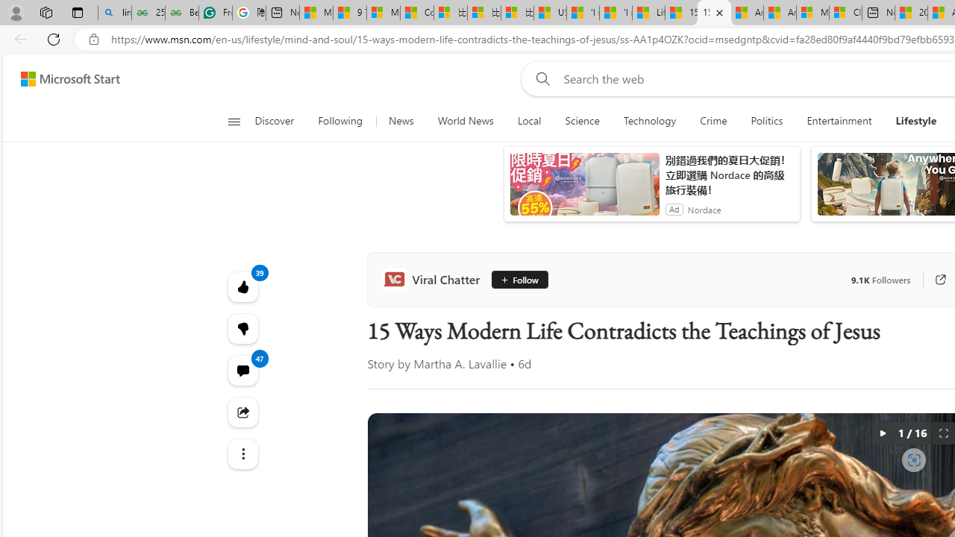 The height and width of the screenshot is (537, 955). I want to click on 'Back', so click(18, 38).